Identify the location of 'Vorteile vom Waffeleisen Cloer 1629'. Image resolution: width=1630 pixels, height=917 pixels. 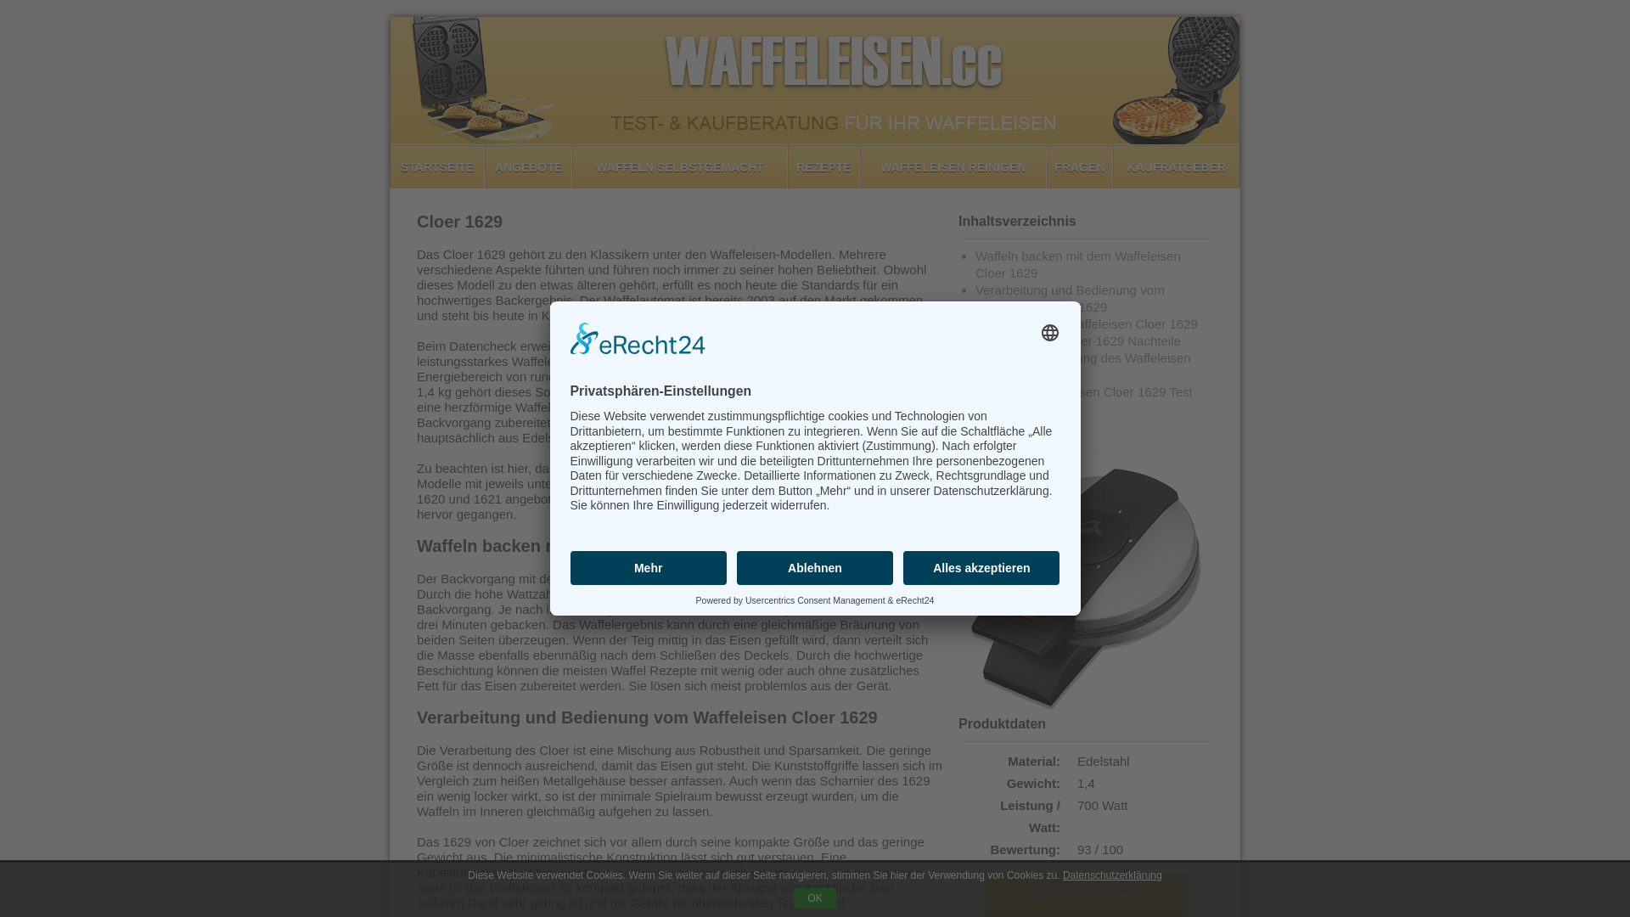
(992, 323).